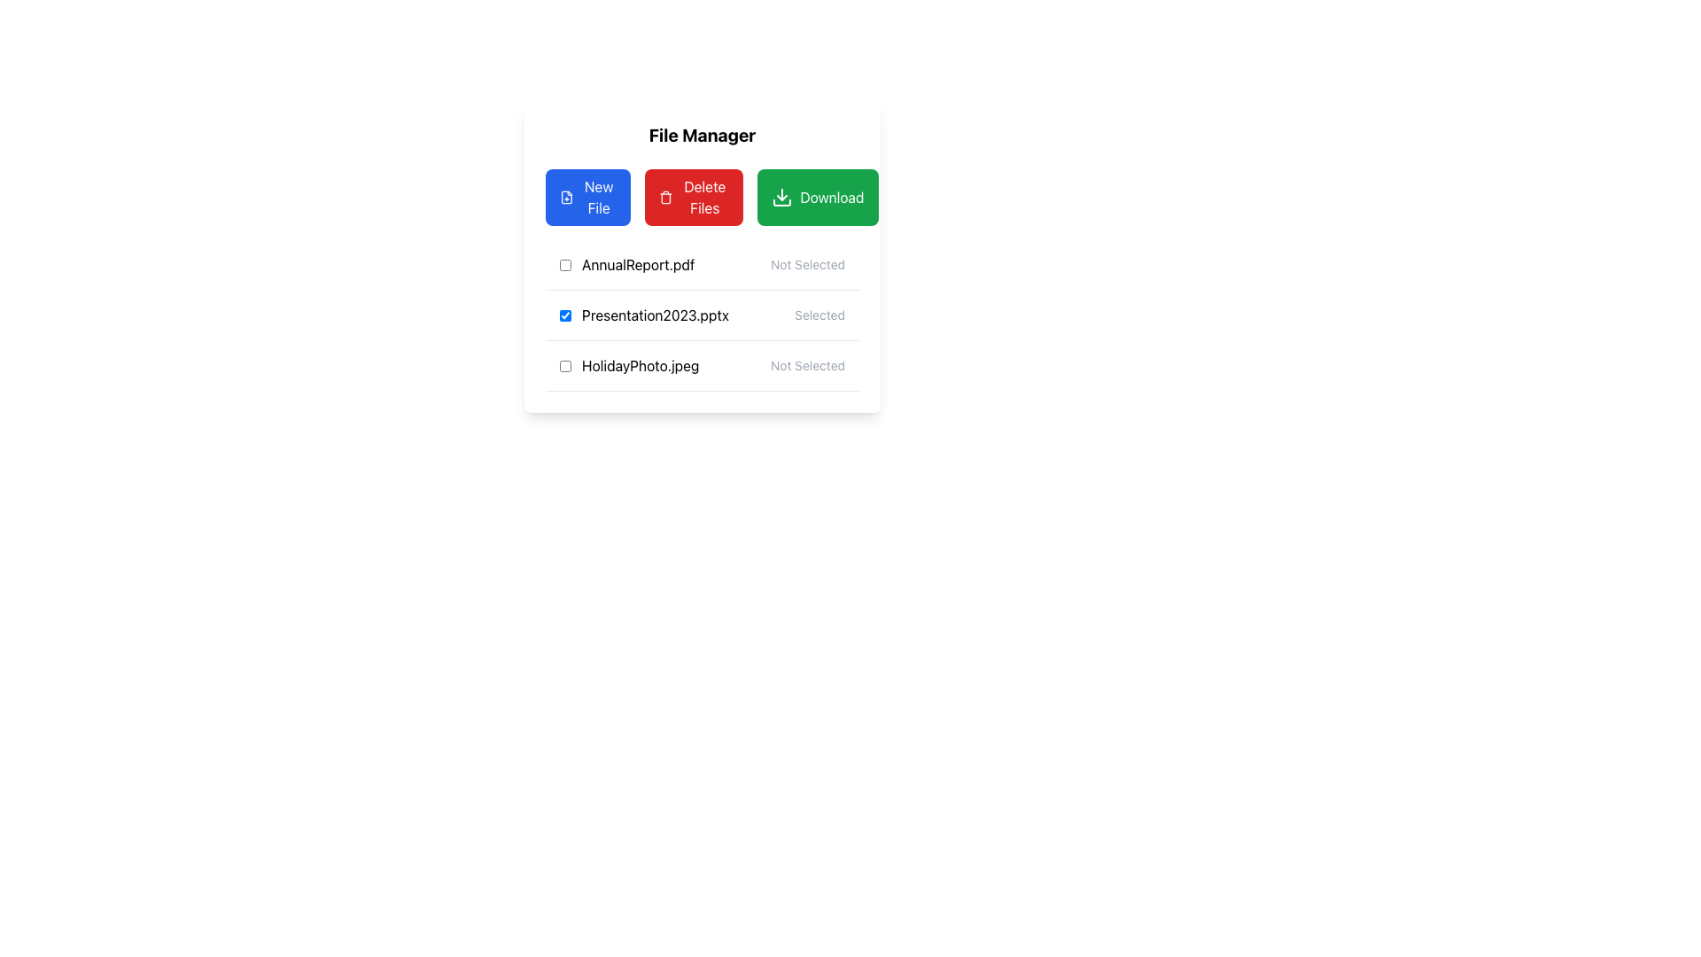  I want to click on the 'New File' button which is visually represented by the decorative icon located at the top-left corner of the 'File Manager' interface, so click(565, 198).